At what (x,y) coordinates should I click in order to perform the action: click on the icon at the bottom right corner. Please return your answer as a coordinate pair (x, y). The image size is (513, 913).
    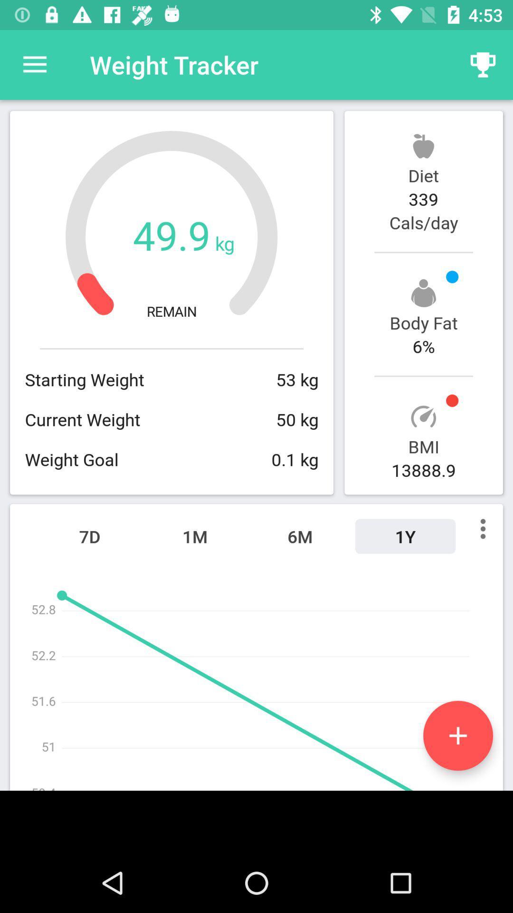
    Looking at the image, I should click on (457, 735).